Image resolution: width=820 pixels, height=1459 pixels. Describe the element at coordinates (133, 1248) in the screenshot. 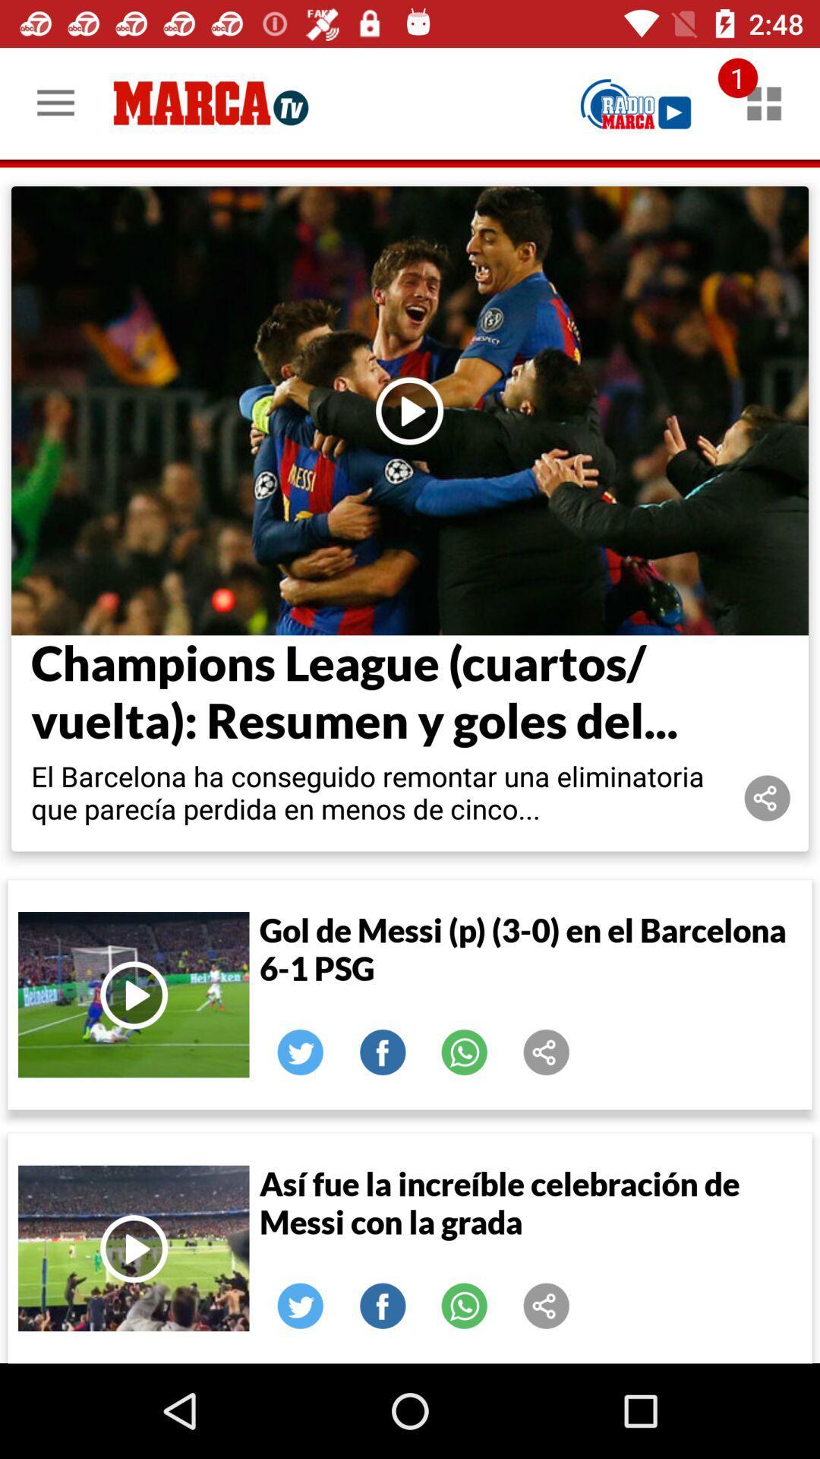

I see `open video` at that location.